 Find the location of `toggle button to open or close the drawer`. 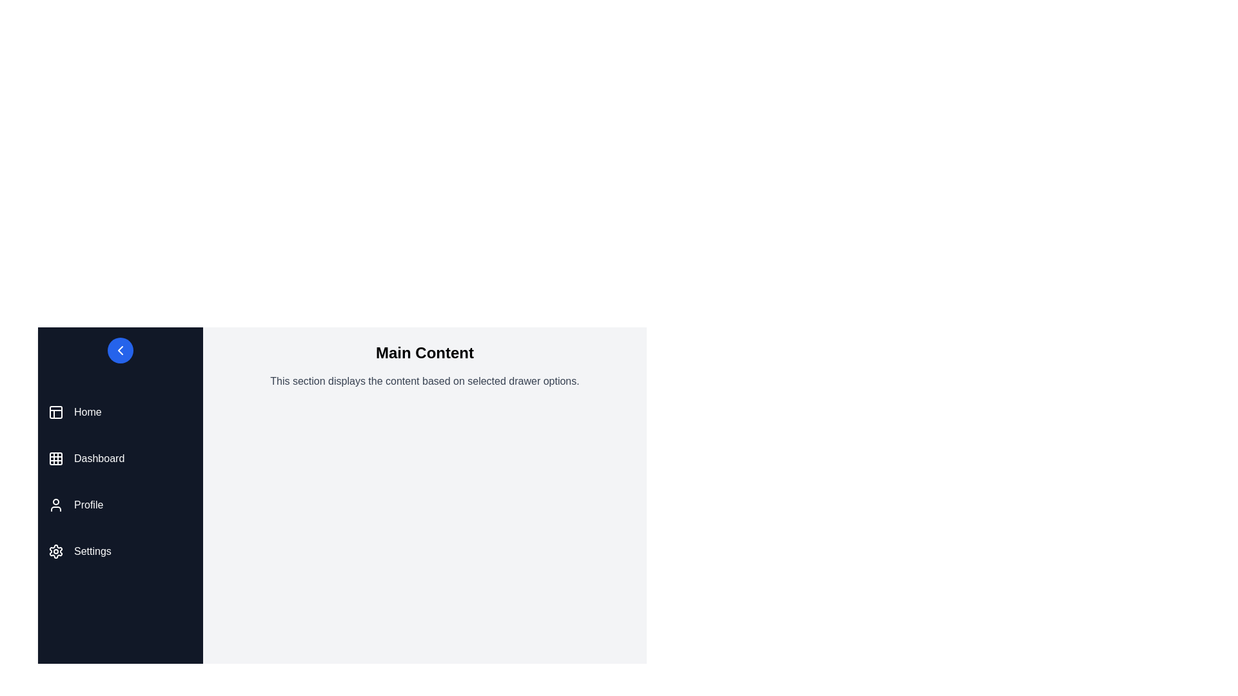

toggle button to open or close the drawer is located at coordinates (121, 350).